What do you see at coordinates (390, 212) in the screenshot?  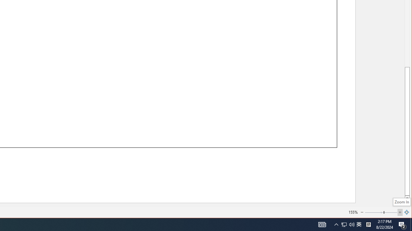 I see `'Page right'` at bounding box center [390, 212].